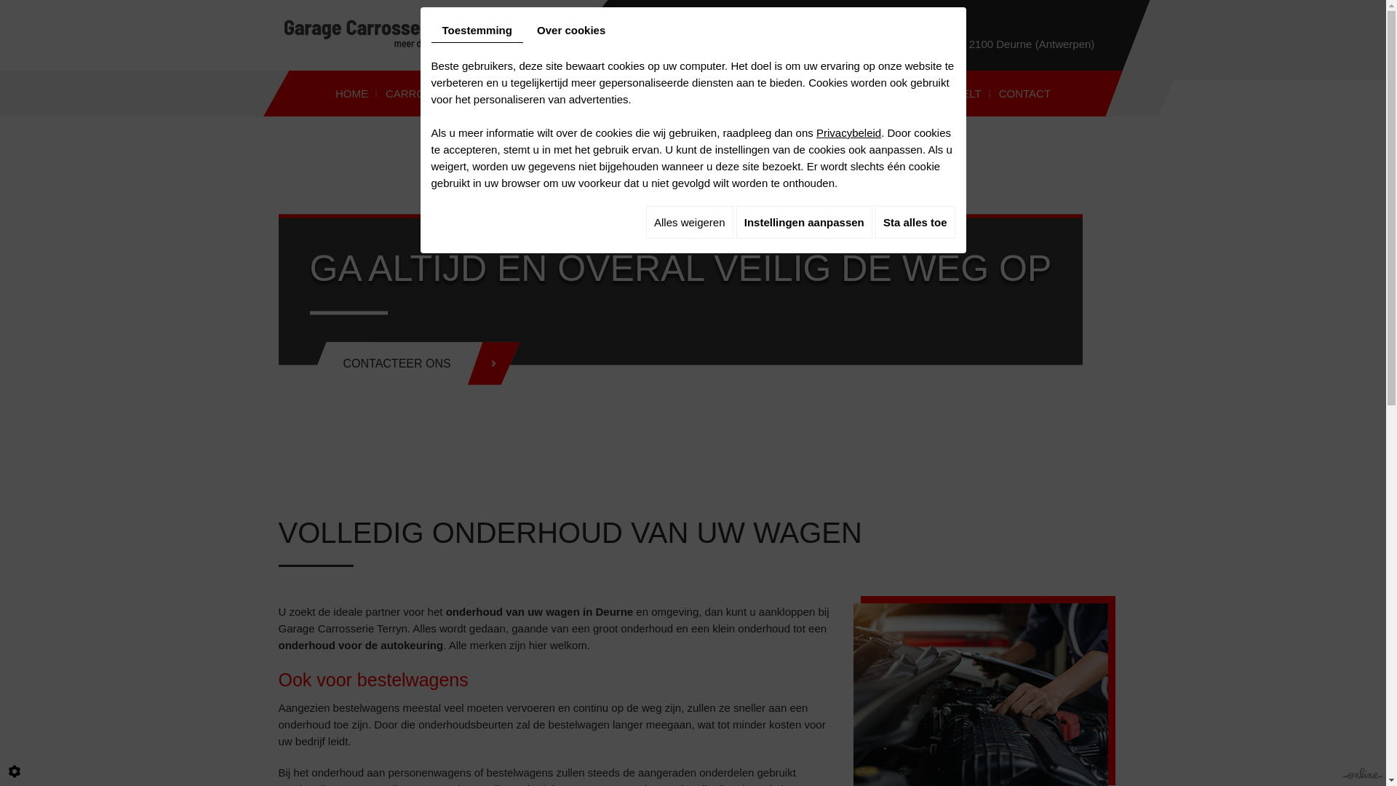 The width and height of the screenshot is (1397, 786). Describe the element at coordinates (424, 93) in the screenshot. I see `'CARROSSERIE'` at that location.